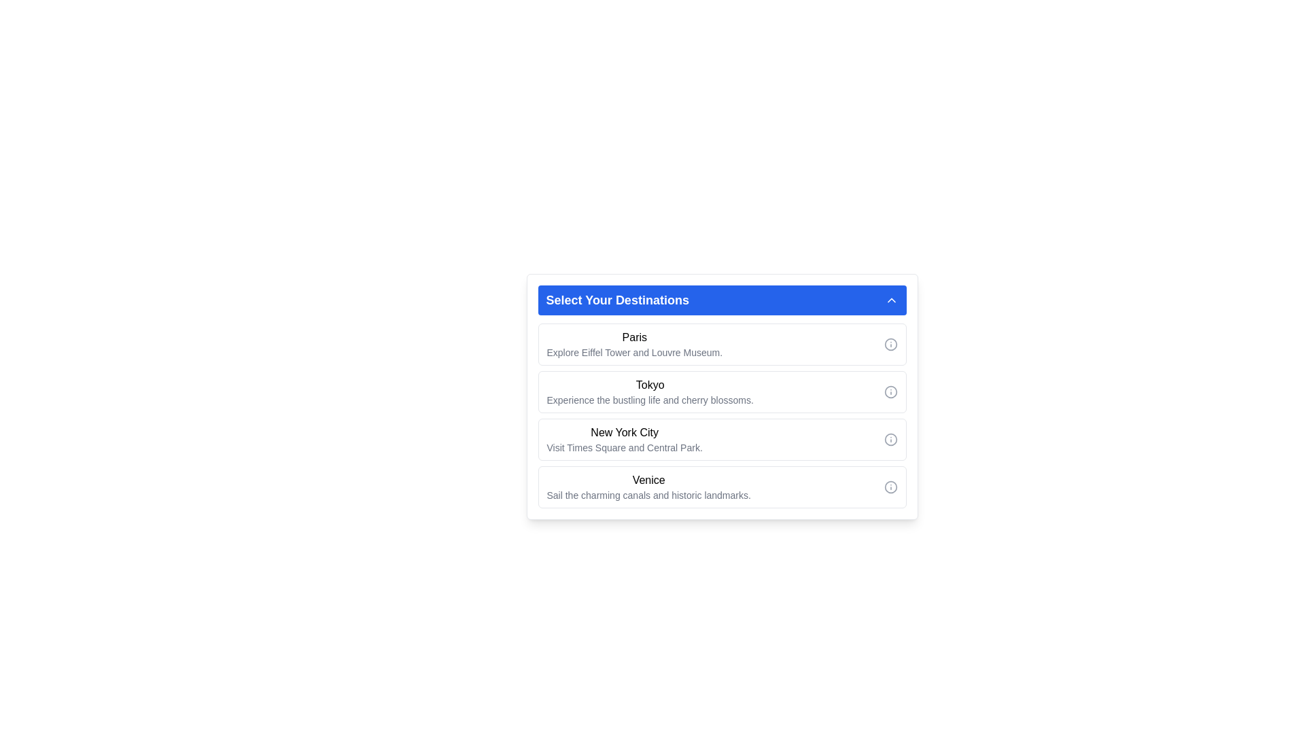  What do you see at coordinates (633, 343) in the screenshot?
I see `the first Text Block under 'Select Your Destinations'` at bounding box center [633, 343].